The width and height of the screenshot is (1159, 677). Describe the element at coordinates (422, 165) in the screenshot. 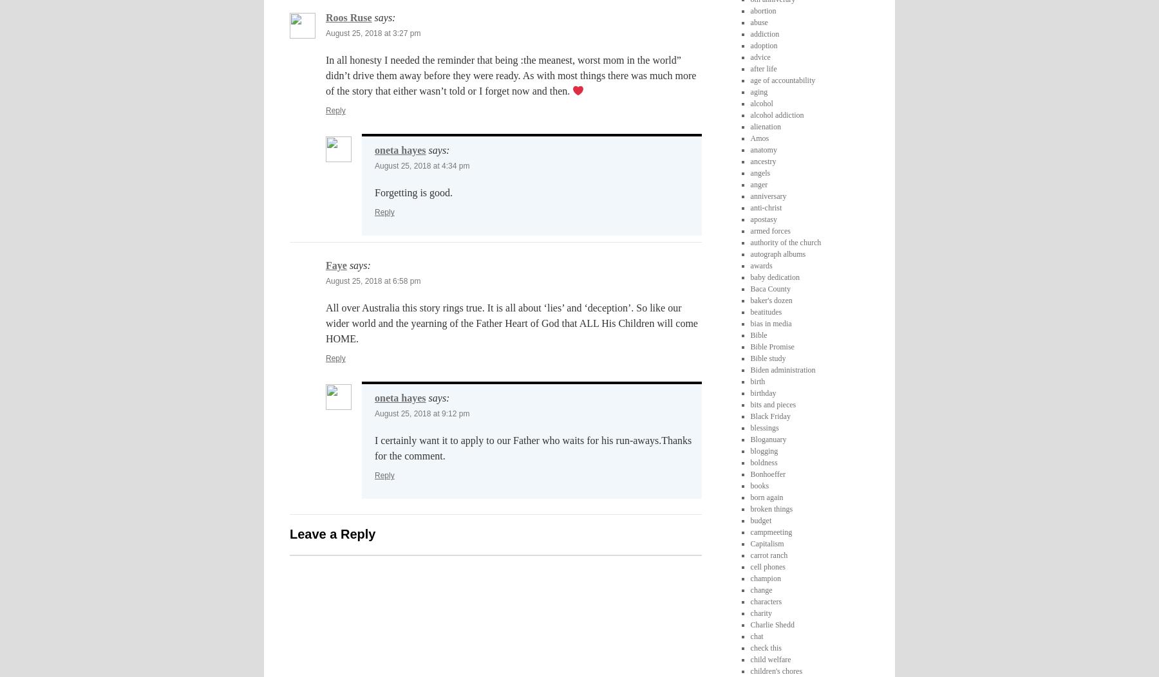

I see `'August 25, 2018 at 4:34 pm'` at that location.